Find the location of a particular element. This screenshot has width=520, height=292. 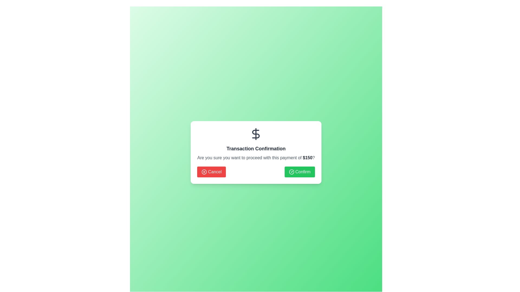

the cancel button located to the left of the green 'Confirm' button at the bottom section of the central confirmation dialog to abort the transaction is located at coordinates (211, 172).